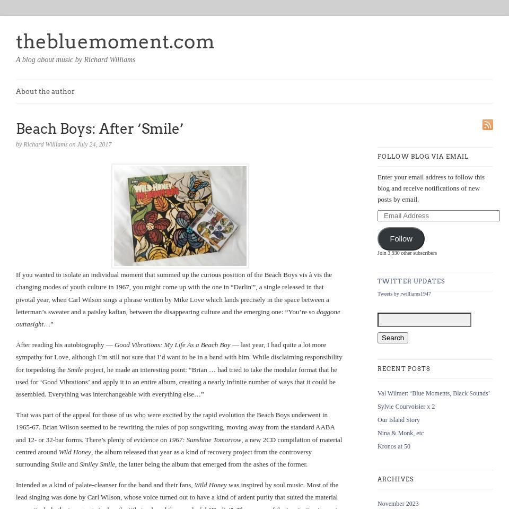 This screenshot has width=509, height=509. Describe the element at coordinates (172, 344) in the screenshot. I see `'Good Vibrations: My Life As a Beach Boy'` at that location.